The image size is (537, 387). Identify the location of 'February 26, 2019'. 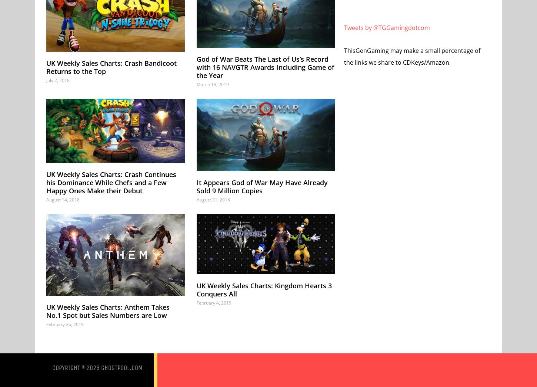
(64, 324).